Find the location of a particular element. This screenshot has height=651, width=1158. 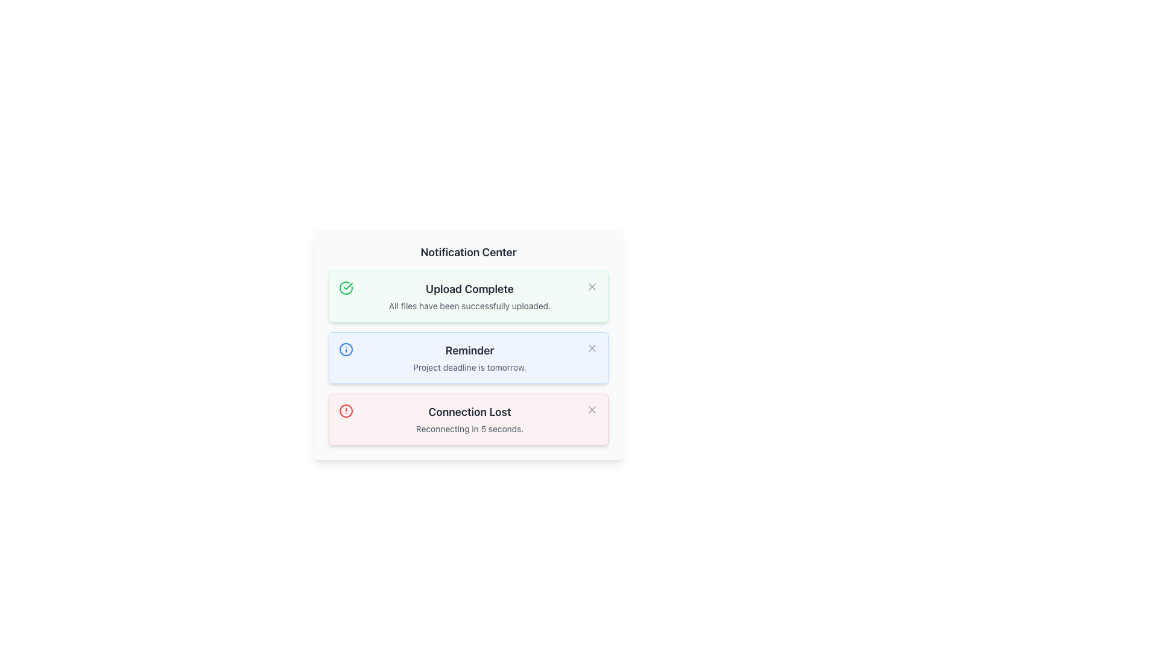

the diagonal cross-shaped icon within the 'Reminder' card in the notification panel is located at coordinates (592, 348).